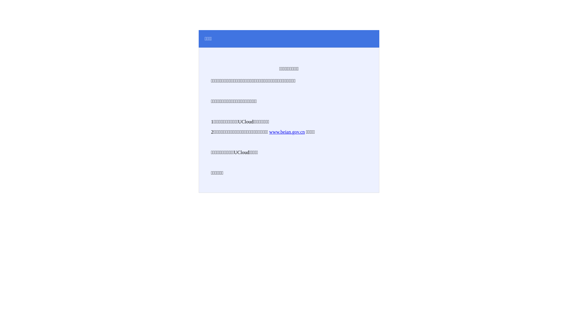 The height and width of the screenshot is (325, 578). What do you see at coordinates (287, 132) in the screenshot?
I see `'www.beian.gov.cn'` at bounding box center [287, 132].